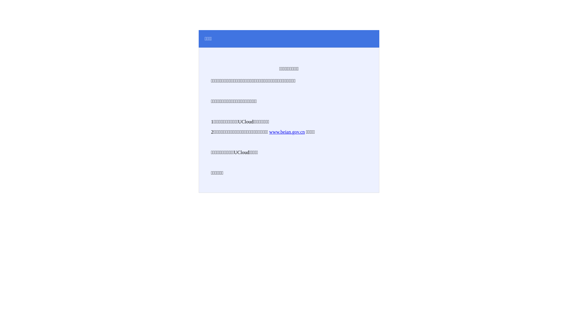 The height and width of the screenshot is (325, 578). What do you see at coordinates (287, 132) in the screenshot?
I see `'www.beian.gov.cn'` at bounding box center [287, 132].